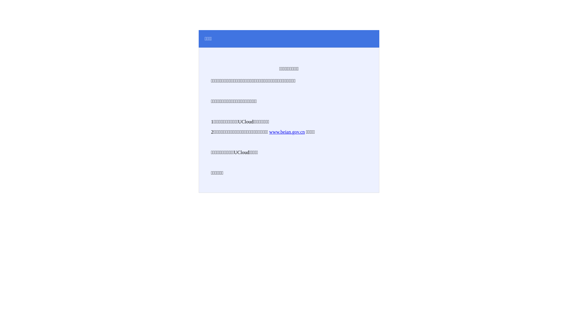 The height and width of the screenshot is (325, 578). What do you see at coordinates (287, 132) in the screenshot?
I see `'www.beian.gov.cn'` at bounding box center [287, 132].